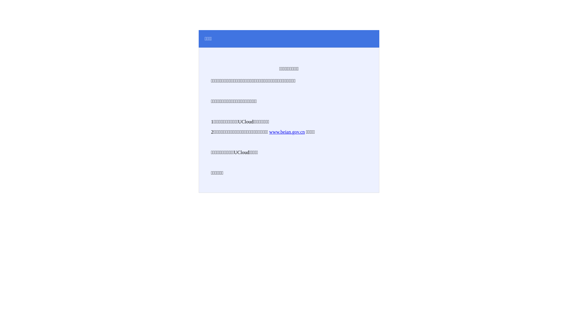 The height and width of the screenshot is (325, 578). What do you see at coordinates (287, 132) in the screenshot?
I see `'www.beian.gov.cn'` at bounding box center [287, 132].